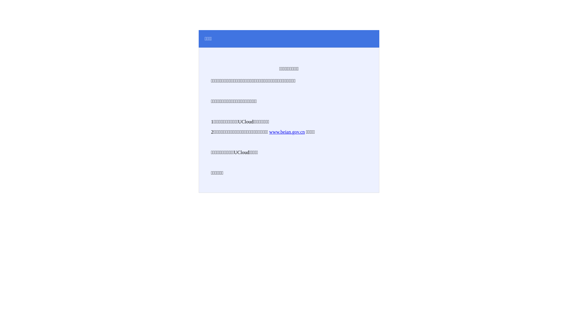 The height and width of the screenshot is (325, 578). What do you see at coordinates (287, 132) in the screenshot?
I see `'www.beian.gov.cn'` at bounding box center [287, 132].